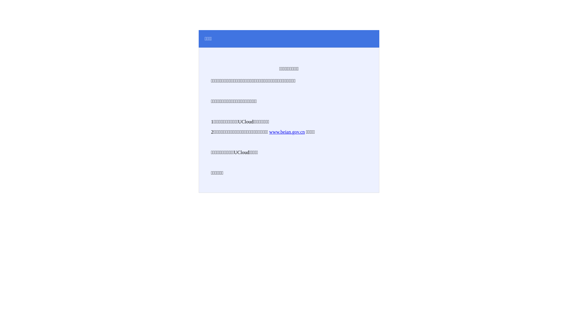 The height and width of the screenshot is (325, 578). What do you see at coordinates (287, 132) in the screenshot?
I see `'www.beian.gov.cn'` at bounding box center [287, 132].